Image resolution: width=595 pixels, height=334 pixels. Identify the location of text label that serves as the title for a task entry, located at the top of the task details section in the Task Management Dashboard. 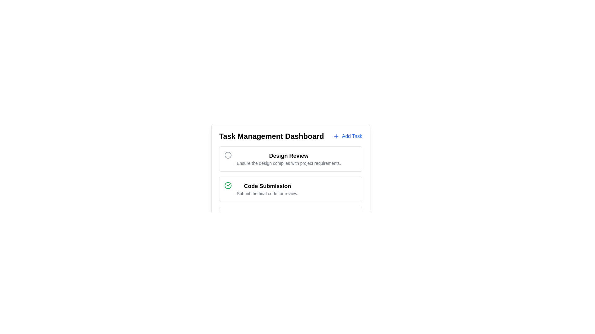
(289, 156).